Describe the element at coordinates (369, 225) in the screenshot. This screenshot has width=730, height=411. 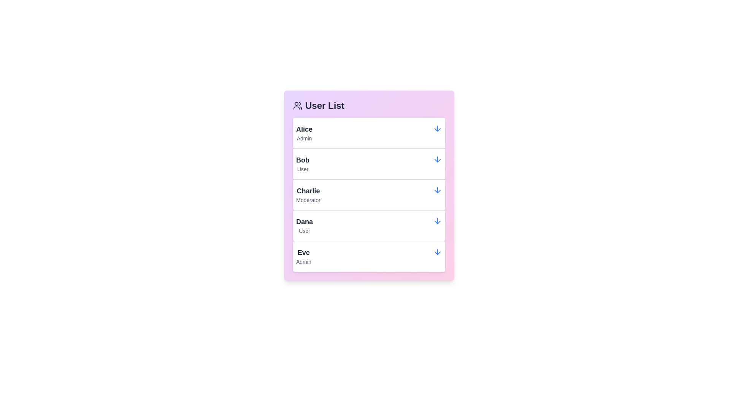
I see `the user list item corresponding to Dana` at that location.